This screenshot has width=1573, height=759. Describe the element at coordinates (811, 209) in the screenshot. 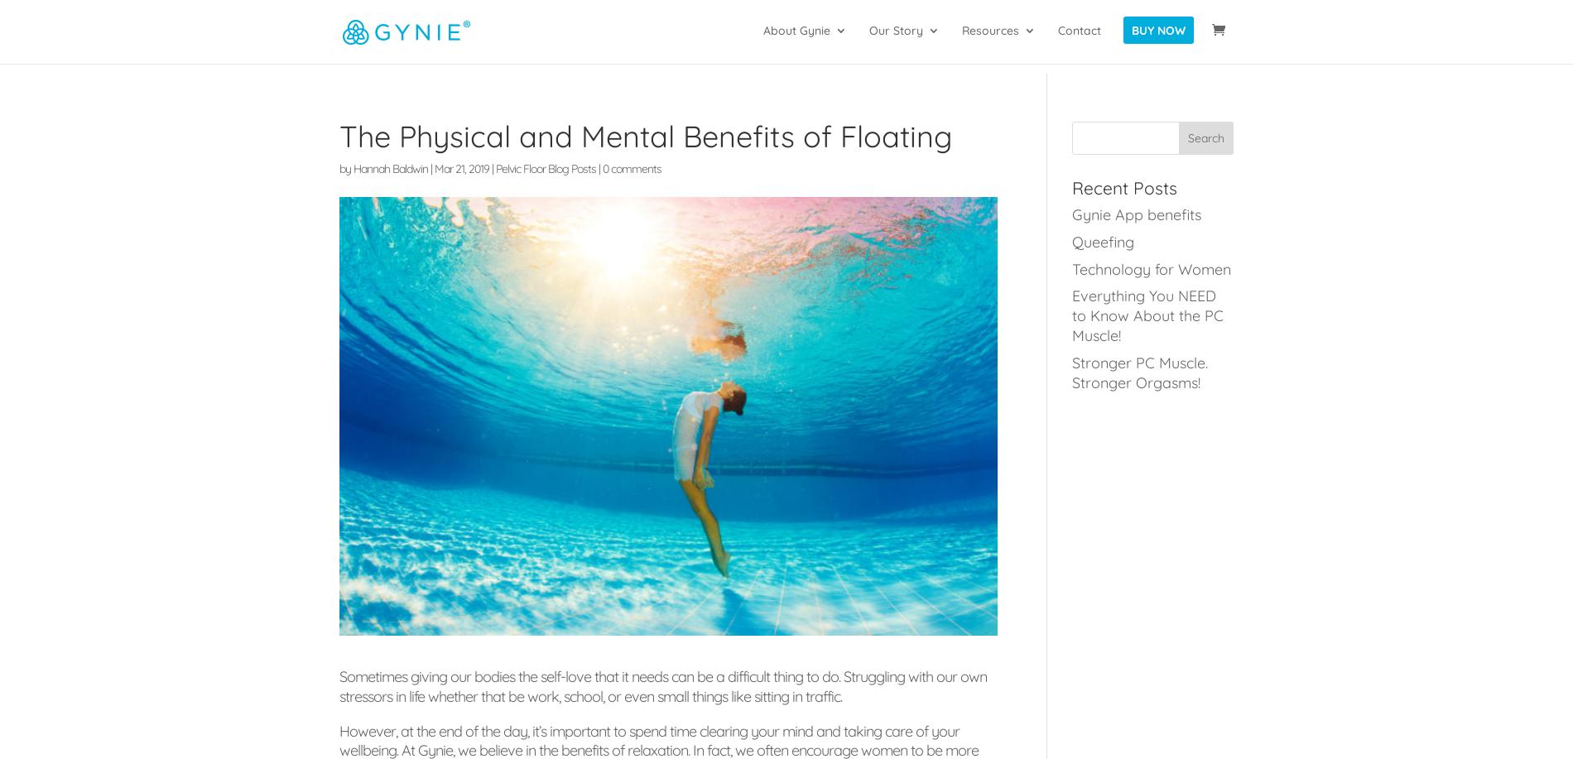

I see `'FAQs'` at that location.